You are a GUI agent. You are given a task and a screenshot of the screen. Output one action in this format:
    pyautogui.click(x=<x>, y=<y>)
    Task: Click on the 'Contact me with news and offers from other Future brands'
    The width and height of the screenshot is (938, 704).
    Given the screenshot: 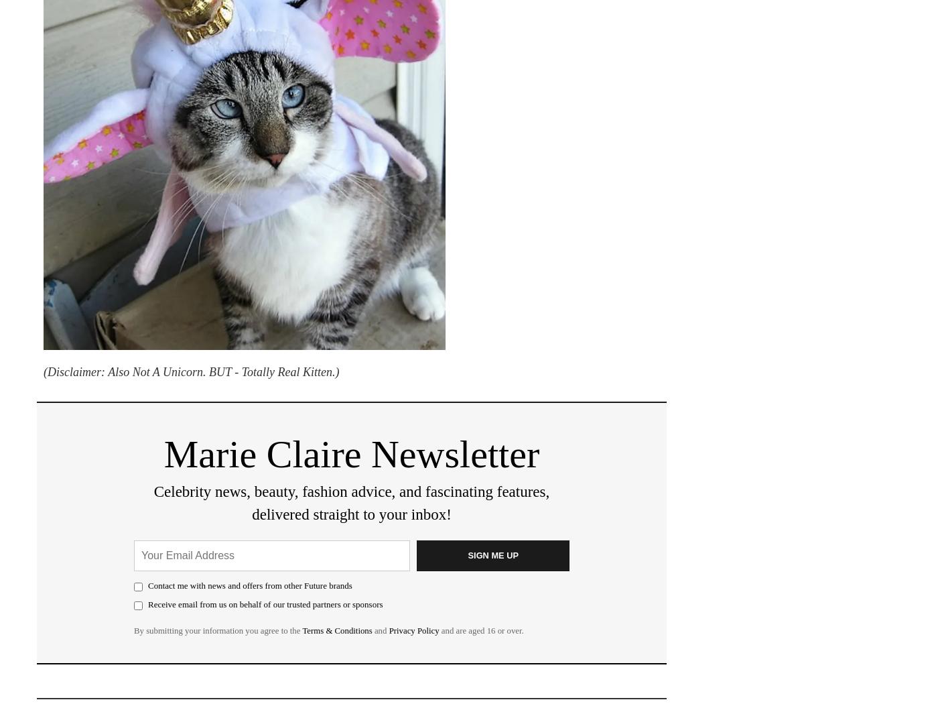 What is the action you would take?
    pyautogui.click(x=249, y=584)
    